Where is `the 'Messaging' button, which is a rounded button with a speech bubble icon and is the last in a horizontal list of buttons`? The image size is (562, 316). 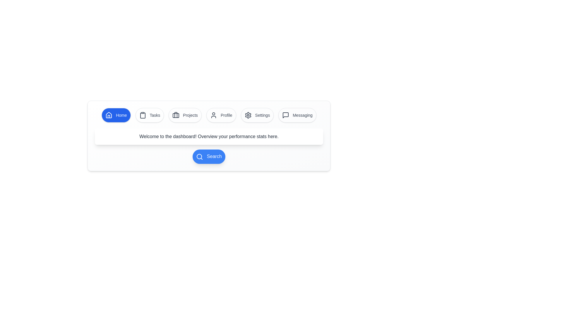
the 'Messaging' button, which is a rounded button with a speech bubble icon and is the last in a horizontal list of buttons is located at coordinates (297, 115).